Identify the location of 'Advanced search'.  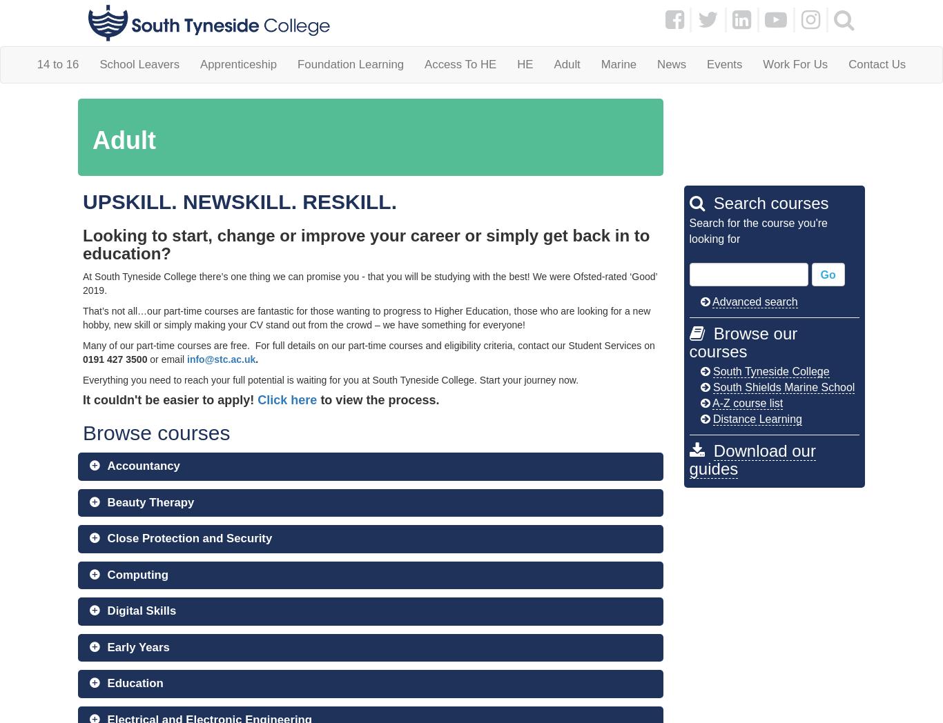
(754, 301).